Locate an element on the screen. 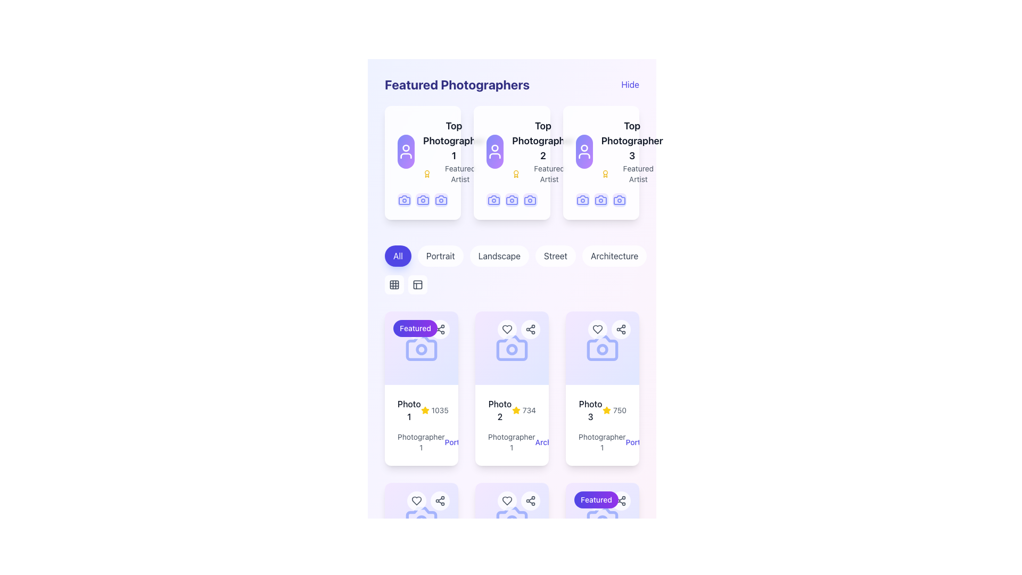 The height and width of the screenshot is (575, 1022). the 'Top Photographer 2' and 'Featured Artist' text display with icon is located at coordinates (543, 152).